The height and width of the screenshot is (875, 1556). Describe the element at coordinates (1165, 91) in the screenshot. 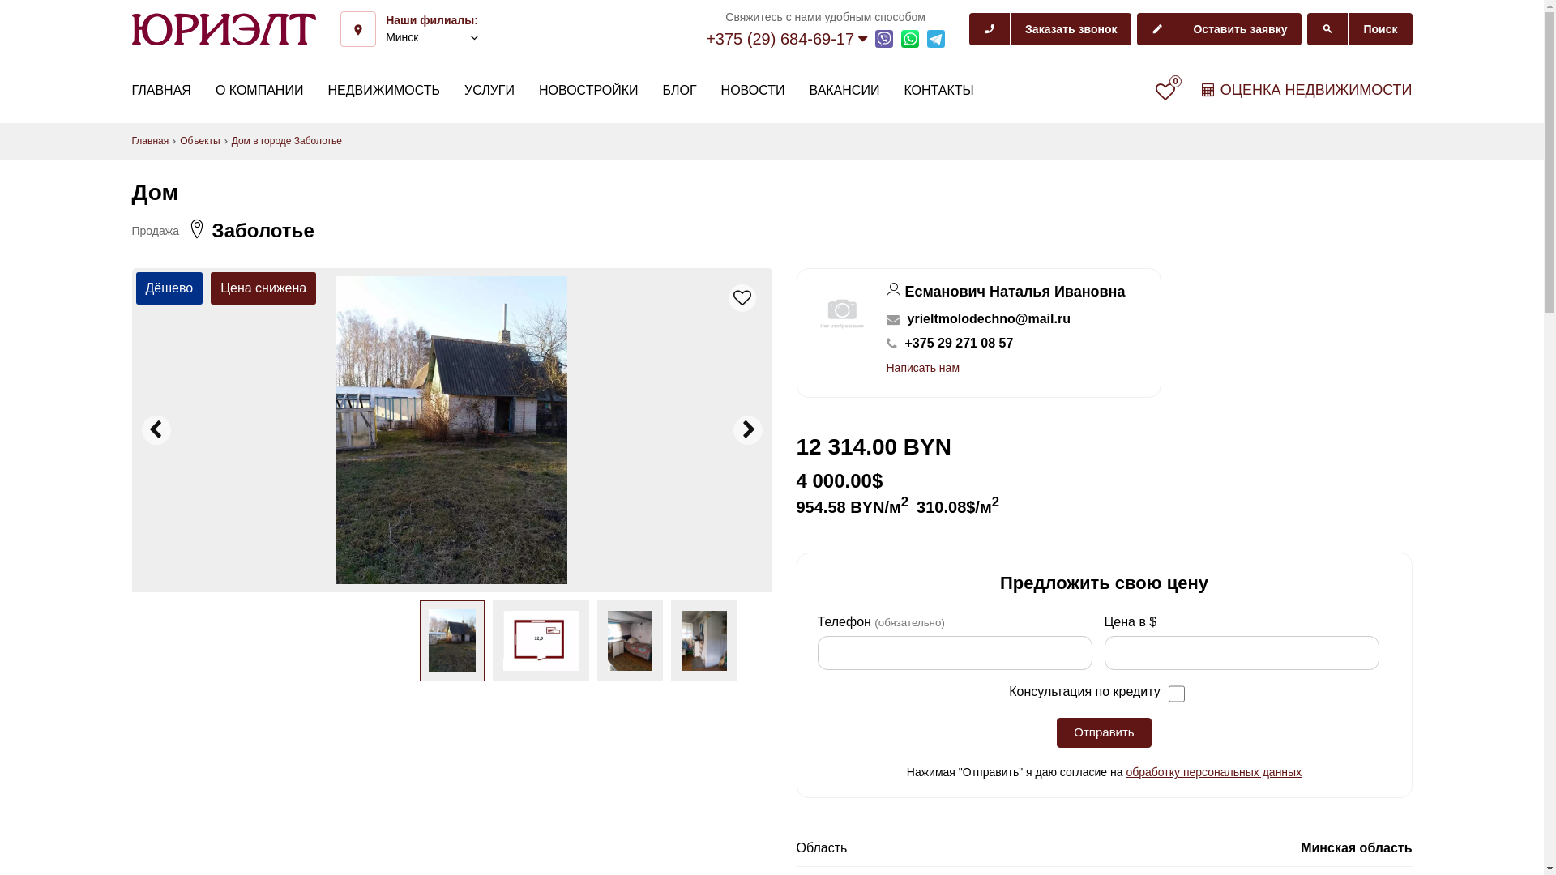

I see `'0'` at that location.